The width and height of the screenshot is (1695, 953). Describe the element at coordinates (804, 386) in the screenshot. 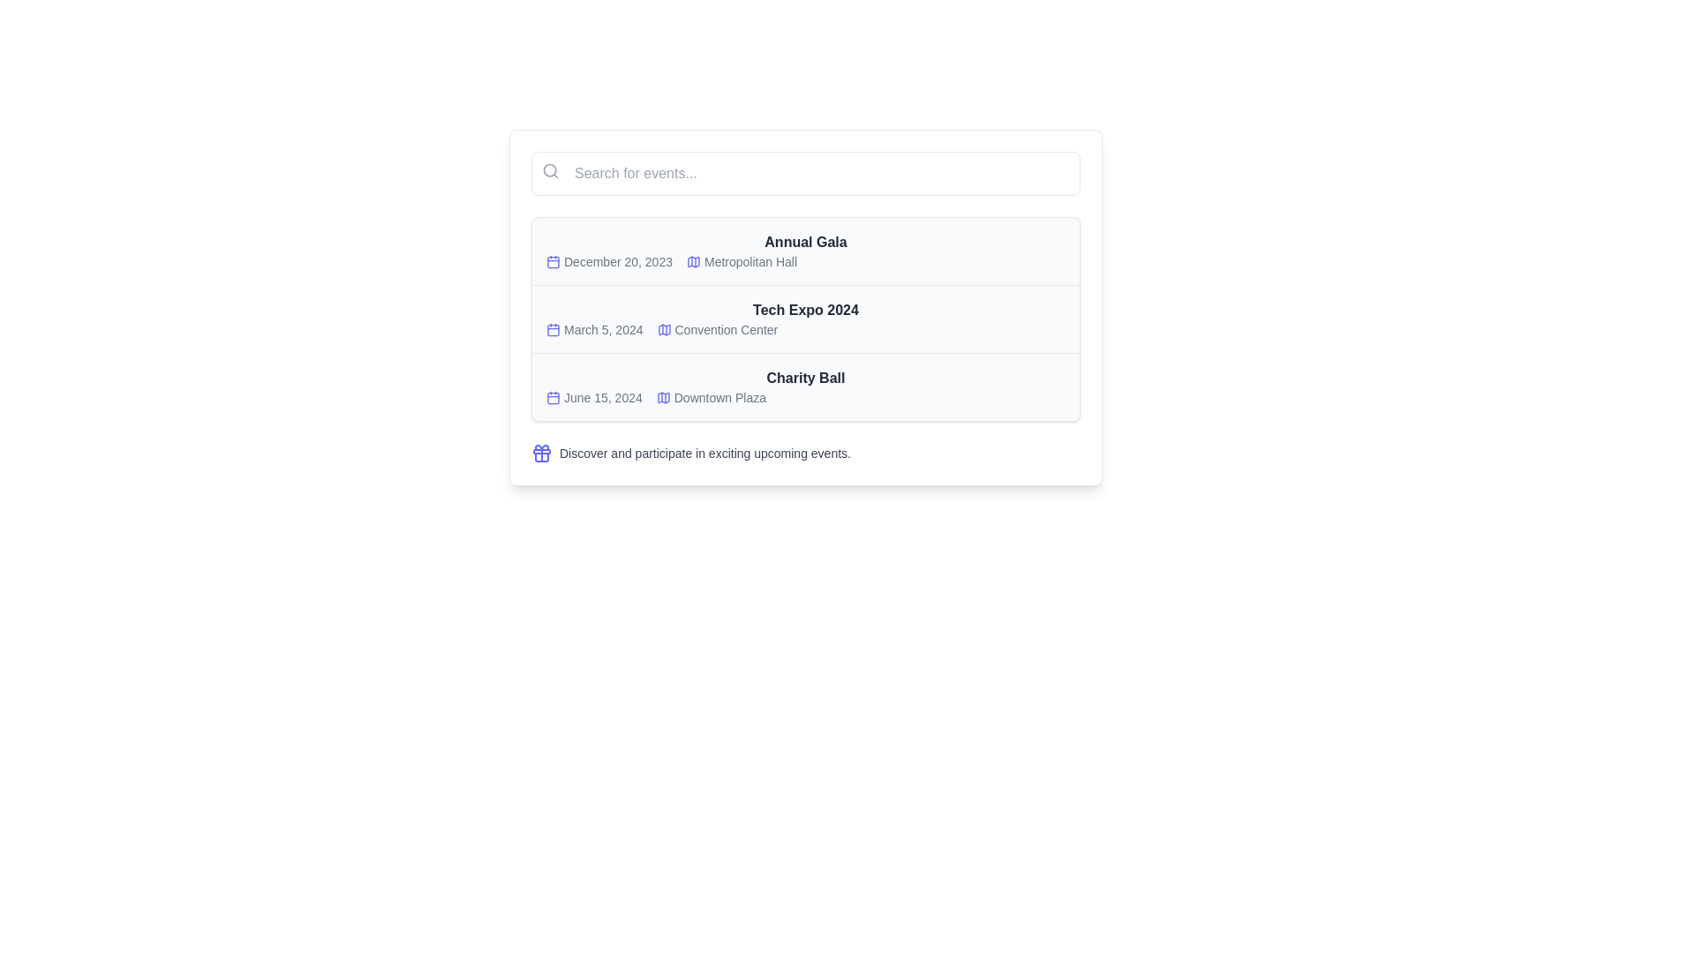

I see `the title 'Charity Ball' in the event information card` at that location.